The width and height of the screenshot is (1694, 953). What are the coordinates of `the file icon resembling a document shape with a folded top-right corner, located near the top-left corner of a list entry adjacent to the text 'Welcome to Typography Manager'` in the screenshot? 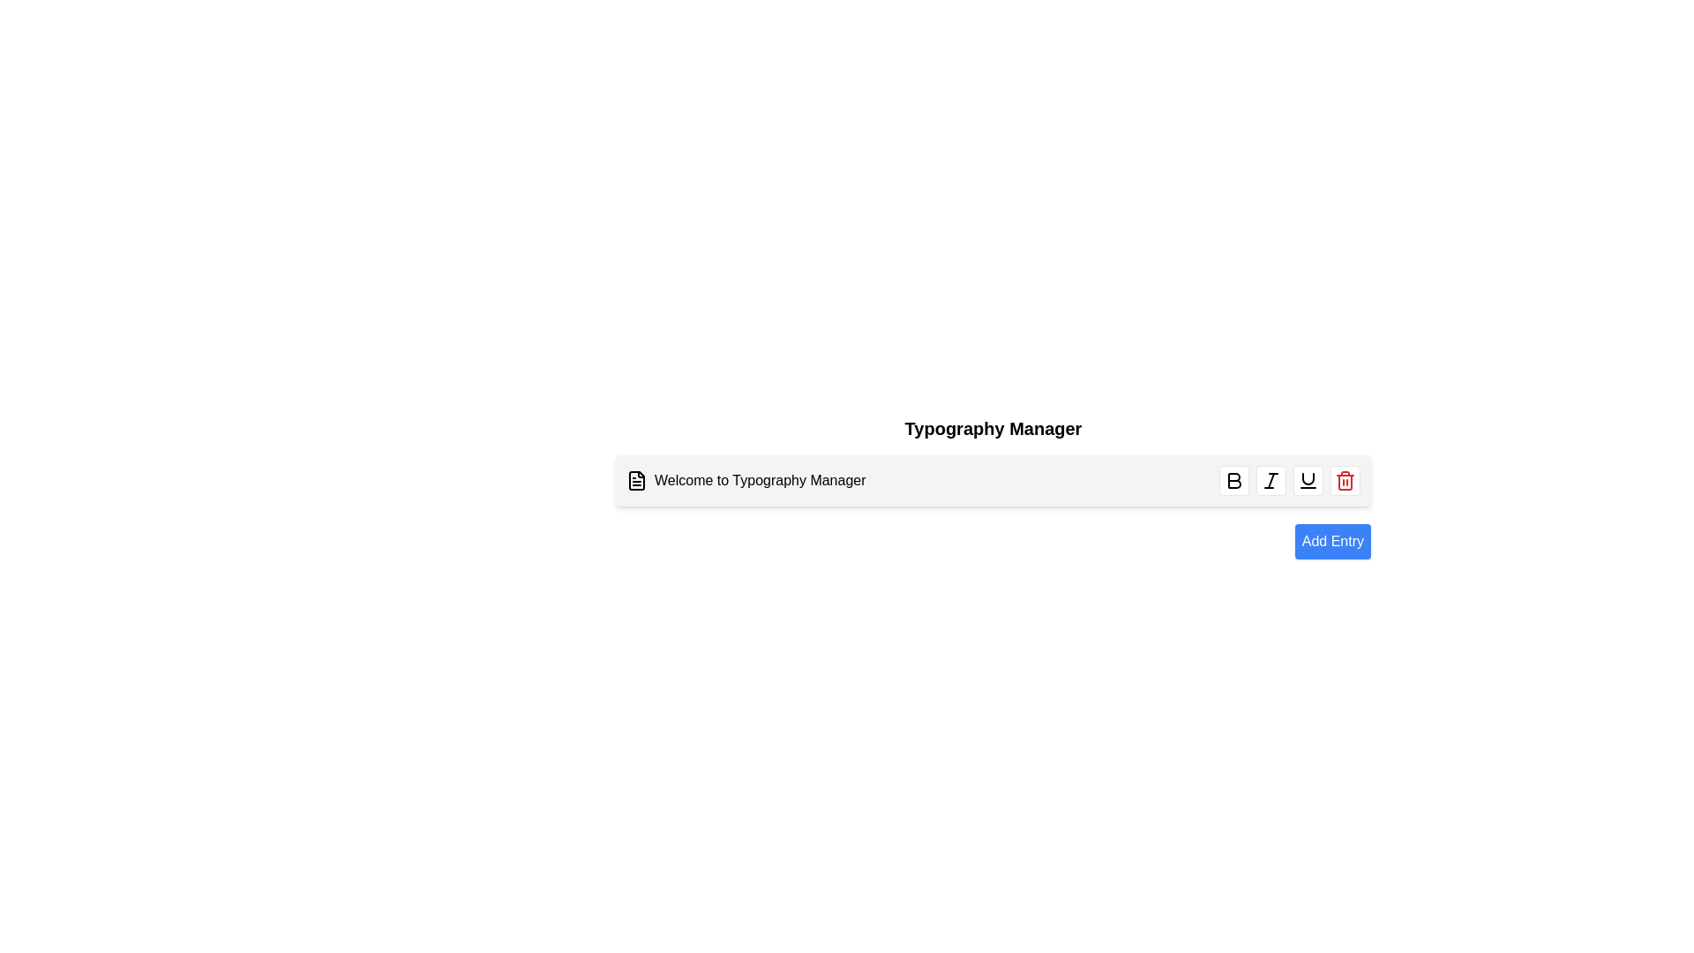 It's located at (635, 480).